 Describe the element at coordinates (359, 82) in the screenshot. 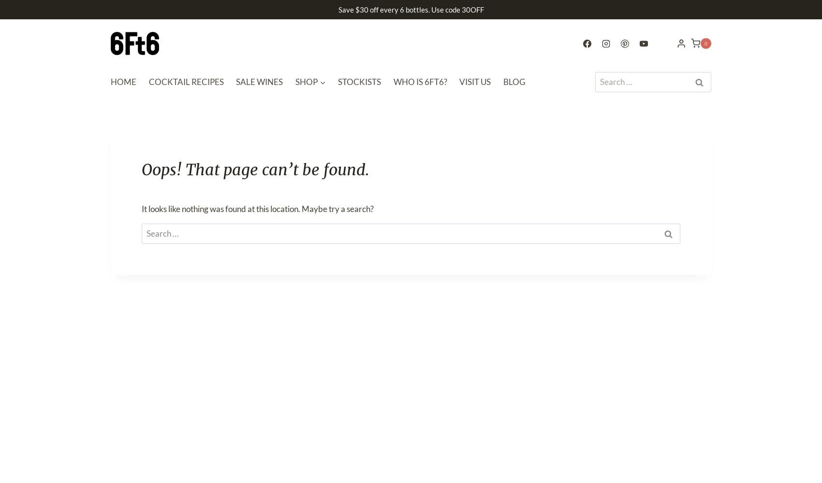

I see `'Stockists'` at that location.